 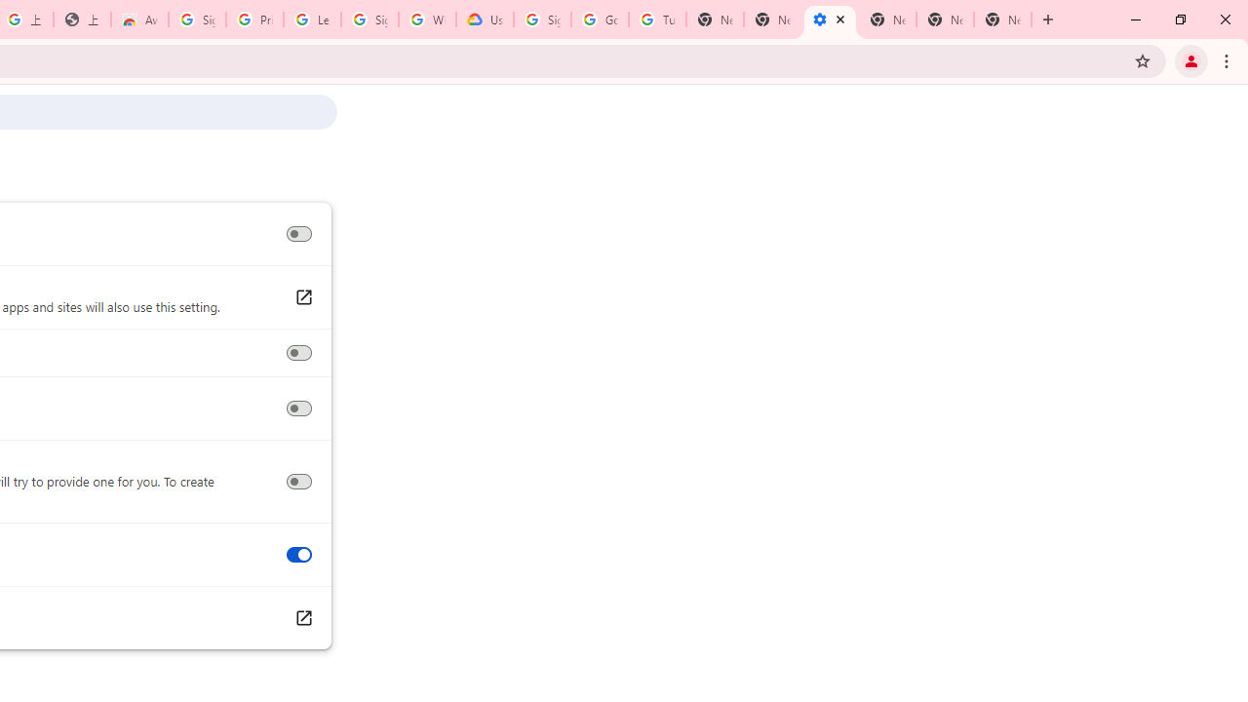 I want to click on 'Settings - Accessibility', so click(x=830, y=19).